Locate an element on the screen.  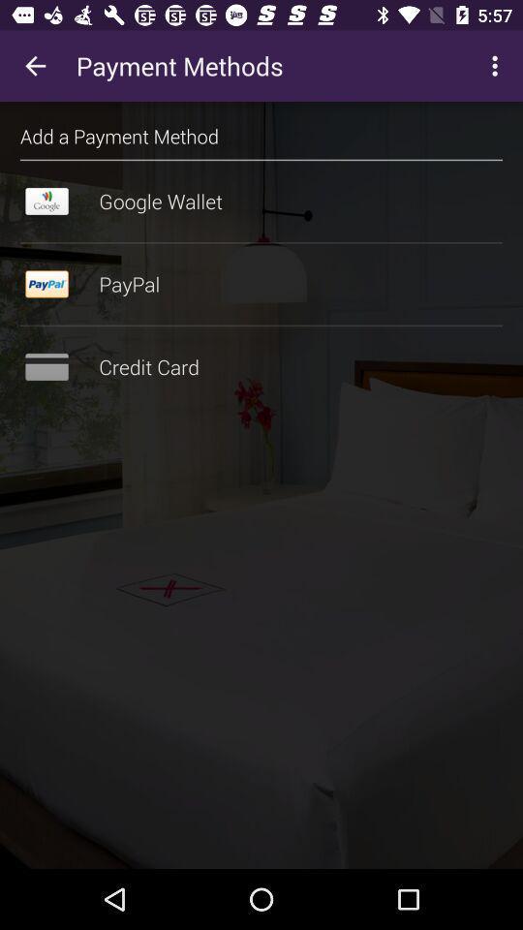
icon below the add a payment icon is located at coordinates (261, 159).